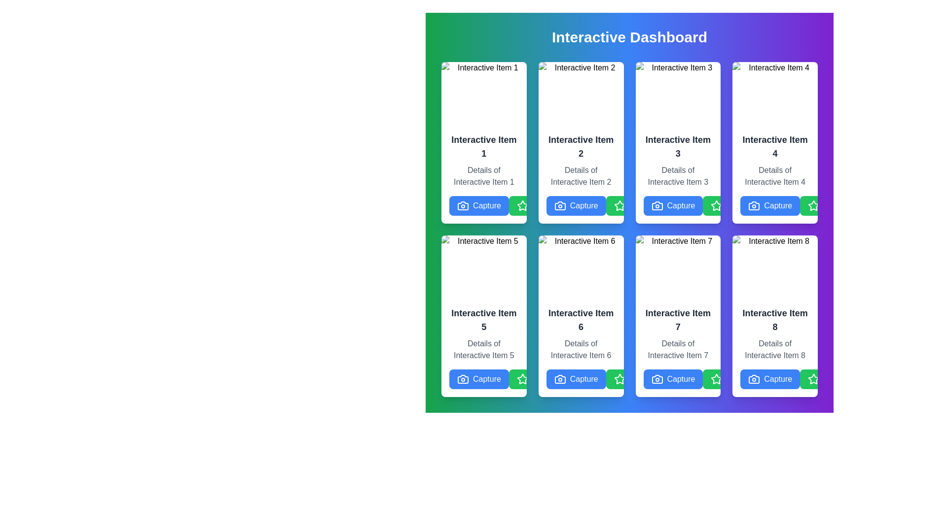 The width and height of the screenshot is (947, 532). I want to click on the favorite marker icon located in the bottom-right corner of the card labeled 'Interactive Item 4', which is to the right of the 'Capture' button, to mark it as favorite, so click(814, 204).